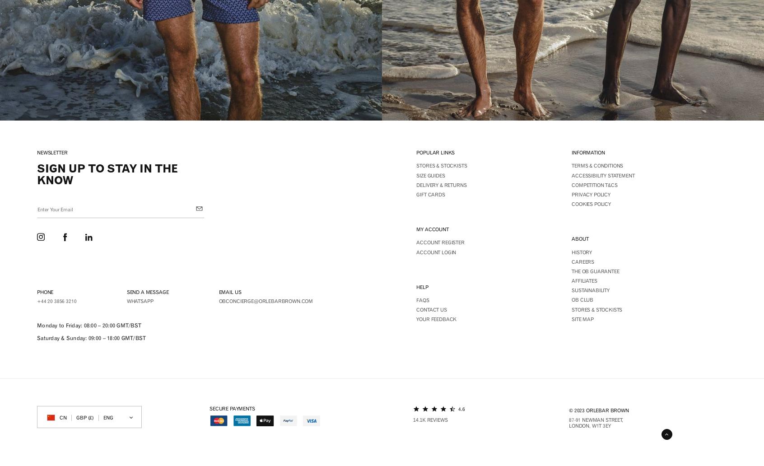  What do you see at coordinates (466, 415) in the screenshot?
I see `'4.6 star rating'` at bounding box center [466, 415].